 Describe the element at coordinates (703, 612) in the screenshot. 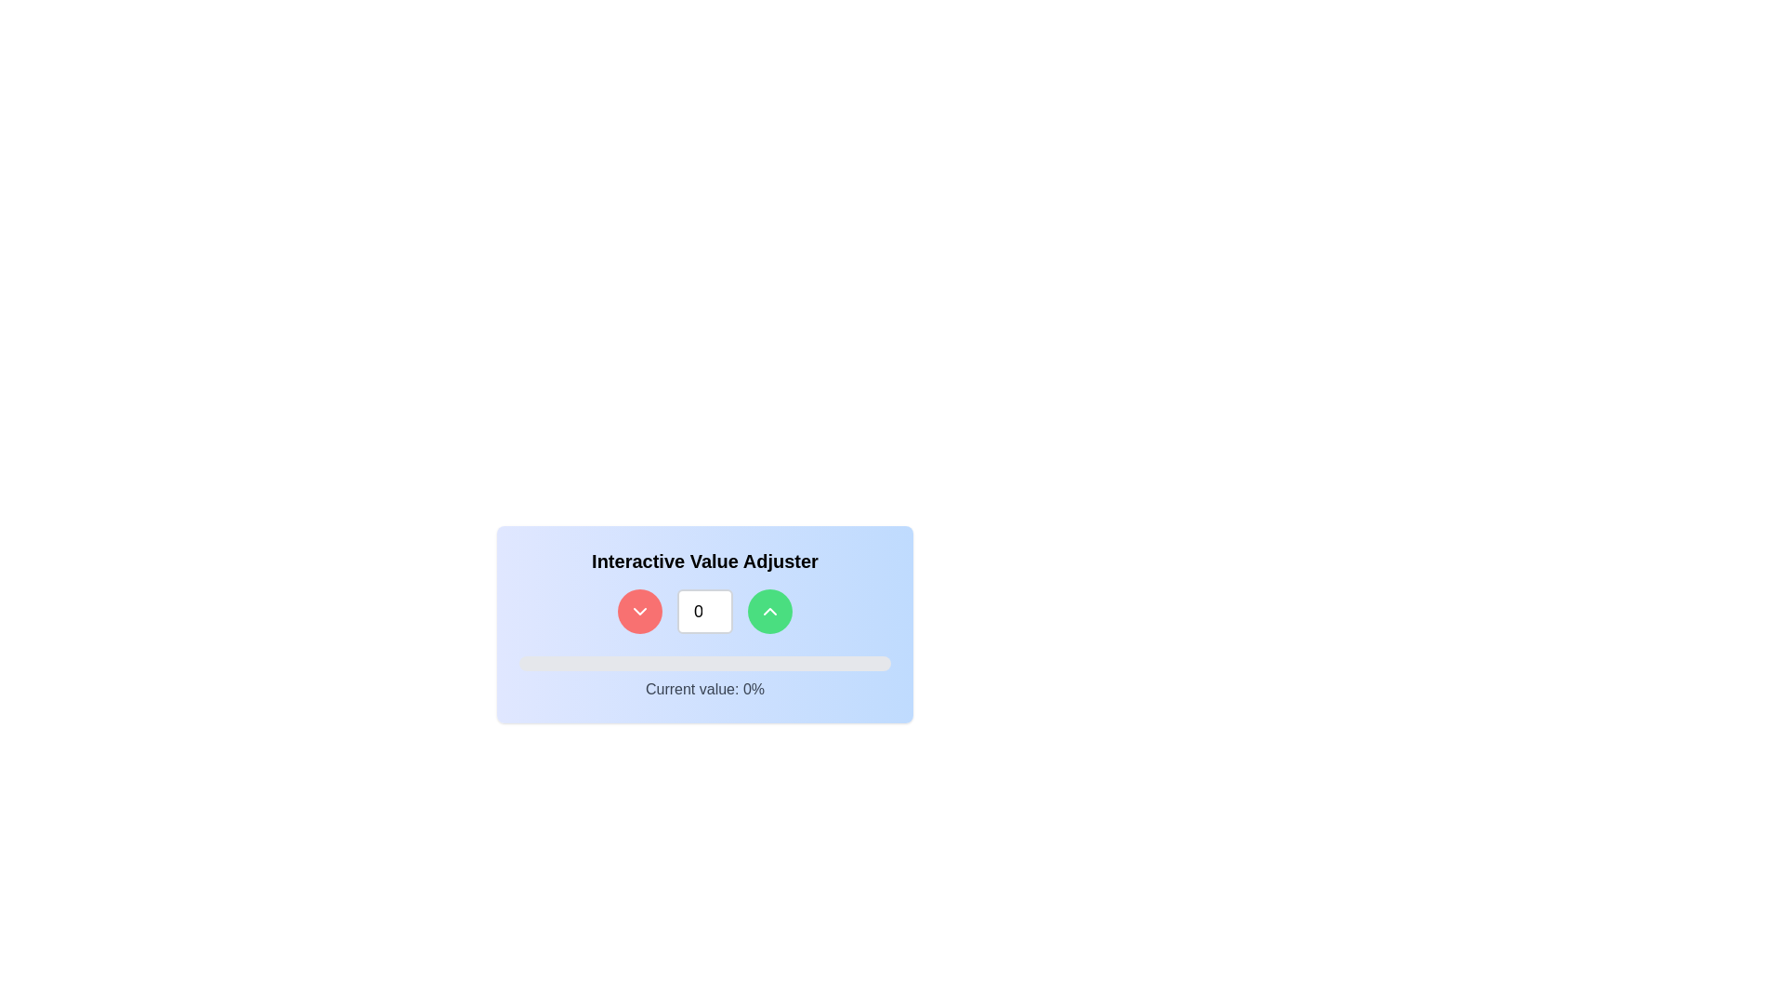

I see `the composite UI component consisting of a numeric input field and two buttons` at that location.